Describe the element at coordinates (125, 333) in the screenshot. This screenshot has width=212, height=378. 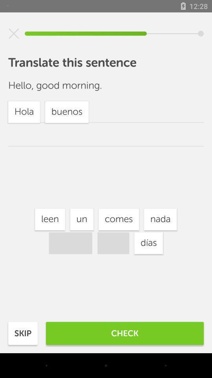
I see `the item next to the skip item` at that location.